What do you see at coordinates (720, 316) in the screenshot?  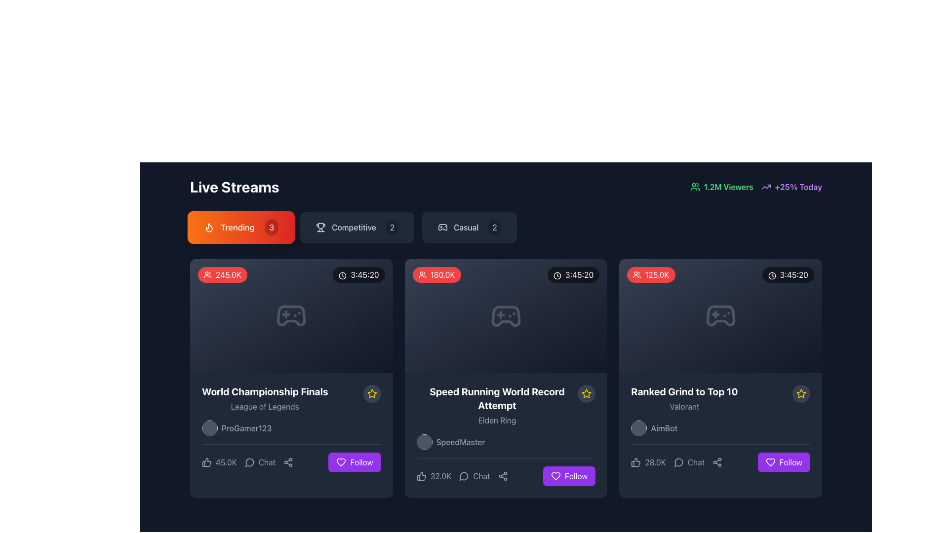 I see `the component displaying user count and duration with a game controller icon in between` at bounding box center [720, 316].